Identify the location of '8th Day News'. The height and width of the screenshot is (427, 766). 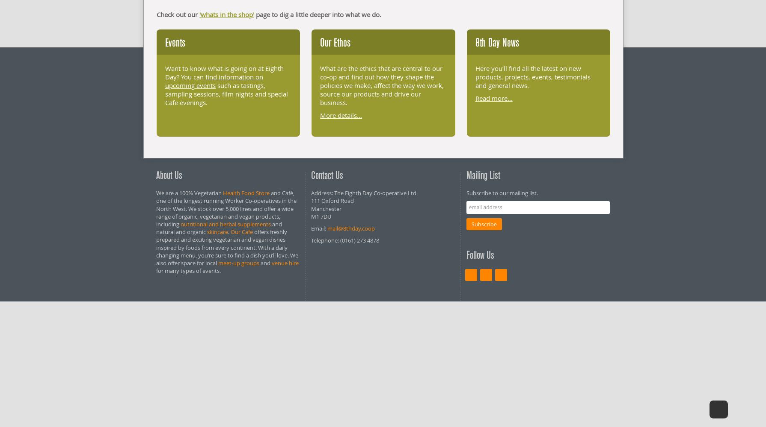
(496, 42).